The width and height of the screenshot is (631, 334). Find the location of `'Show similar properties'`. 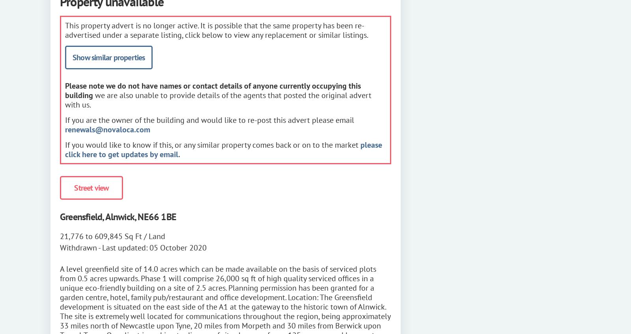

'Show similar properties' is located at coordinates (108, 57).